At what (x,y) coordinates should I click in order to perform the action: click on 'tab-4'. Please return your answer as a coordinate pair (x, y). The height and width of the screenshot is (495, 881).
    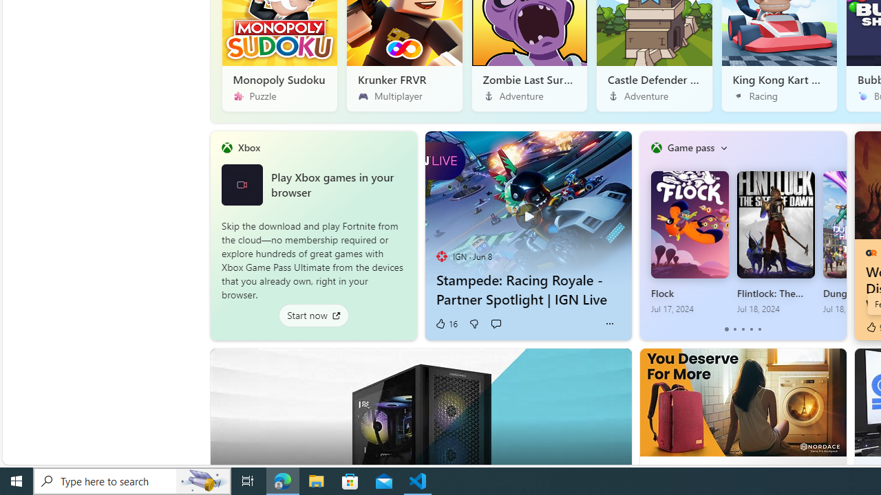
    Looking at the image, I should click on (758, 329).